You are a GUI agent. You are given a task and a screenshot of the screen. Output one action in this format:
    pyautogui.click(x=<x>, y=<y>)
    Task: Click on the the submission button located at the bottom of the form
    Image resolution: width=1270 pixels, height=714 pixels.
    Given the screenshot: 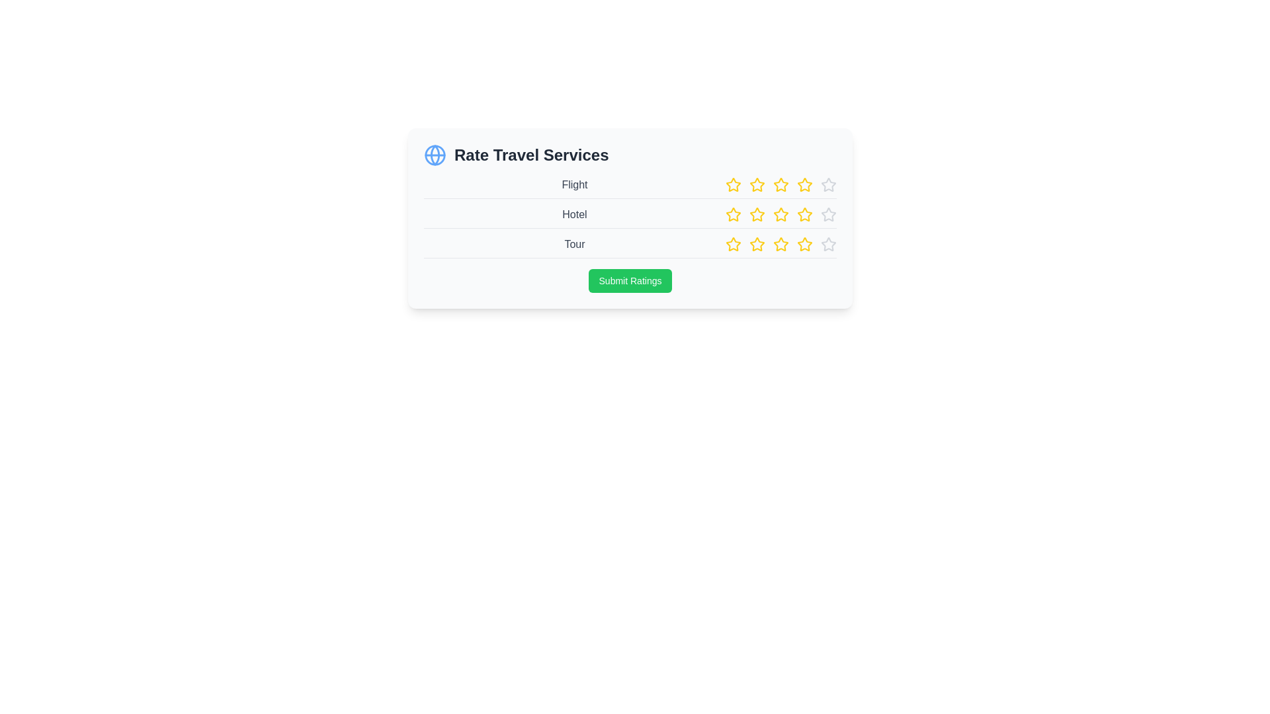 What is the action you would take?
    pyautogui.click(x=630, y=280)
    